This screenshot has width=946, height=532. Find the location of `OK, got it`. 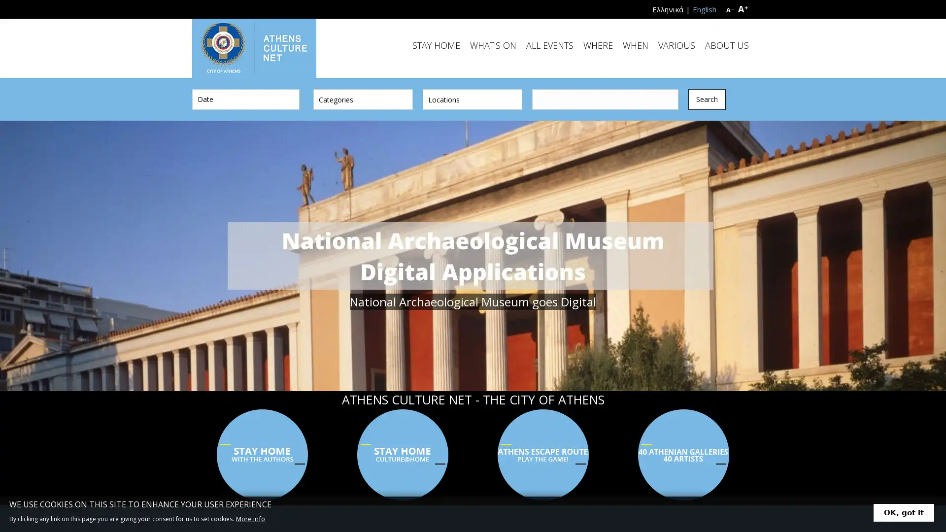

OK, got it is located at coordinates (903, 512).